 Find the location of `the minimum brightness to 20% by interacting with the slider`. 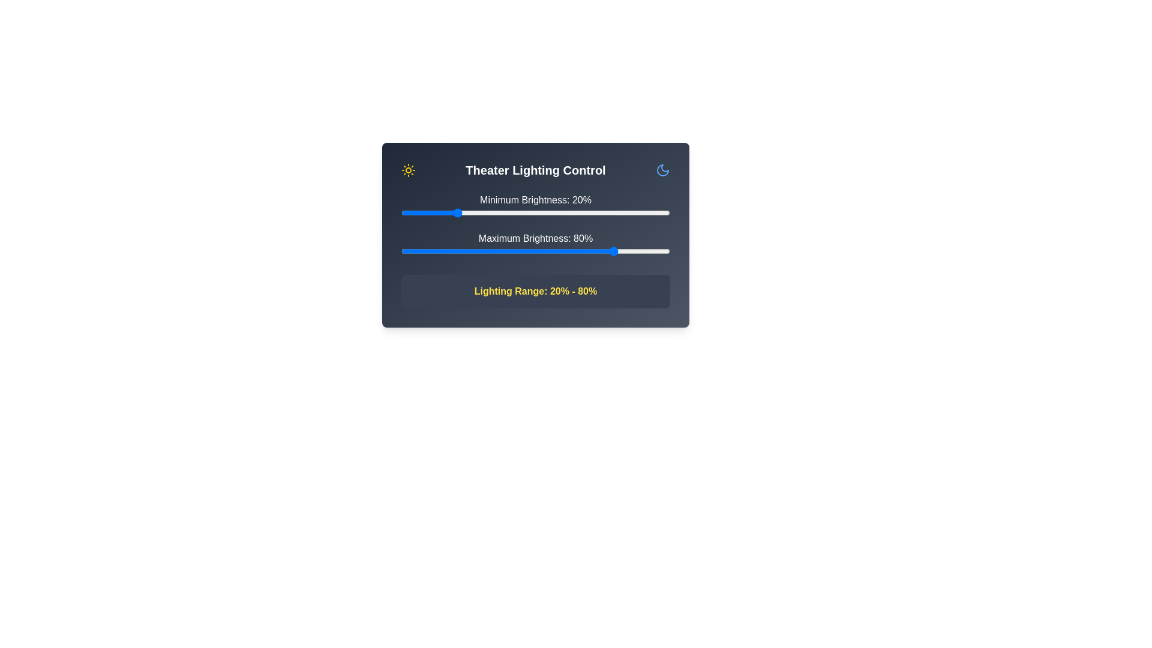

the minimum brightness to 20% by interacting with the slider is located at coordinates (454, 212).